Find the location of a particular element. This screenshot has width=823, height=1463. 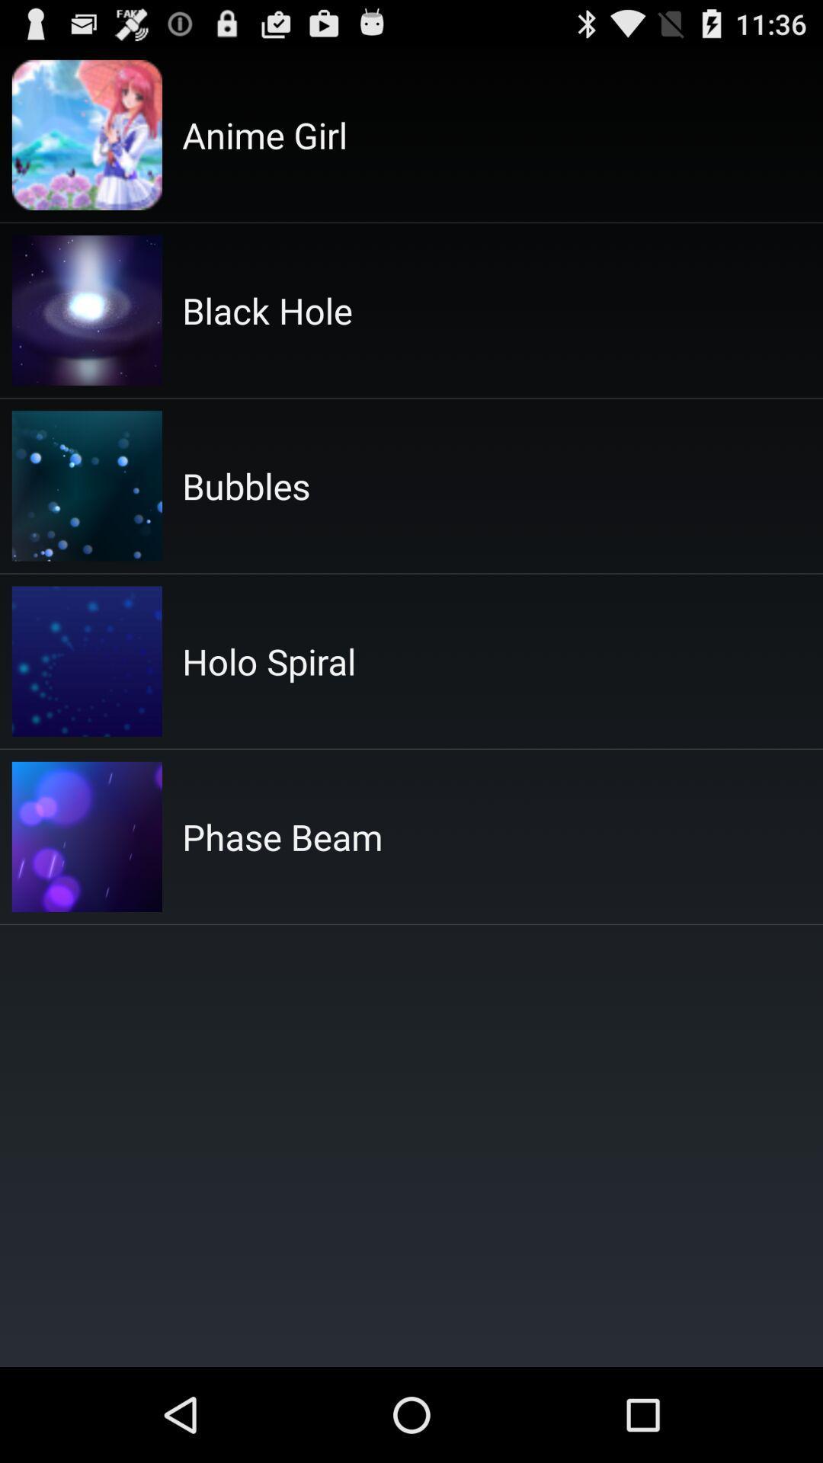

the icon below the black hole item is located at coordinates (245, 485).